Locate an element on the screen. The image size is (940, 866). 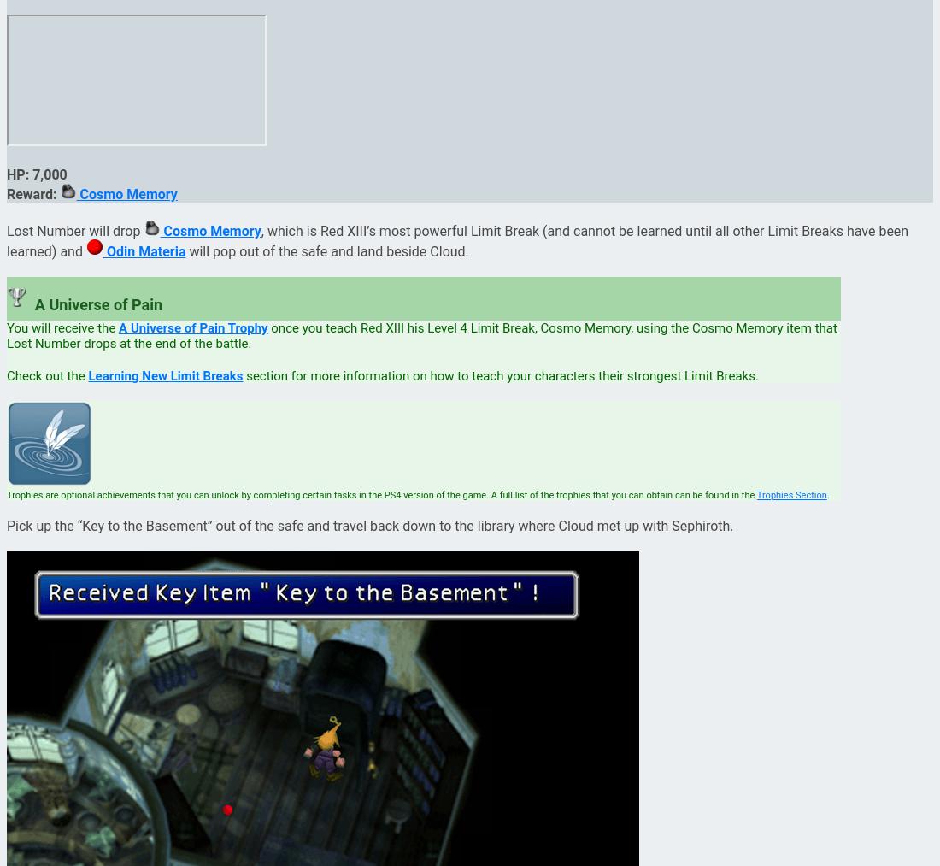
'A Universe of Pain' is located at coordinates (96, 304).